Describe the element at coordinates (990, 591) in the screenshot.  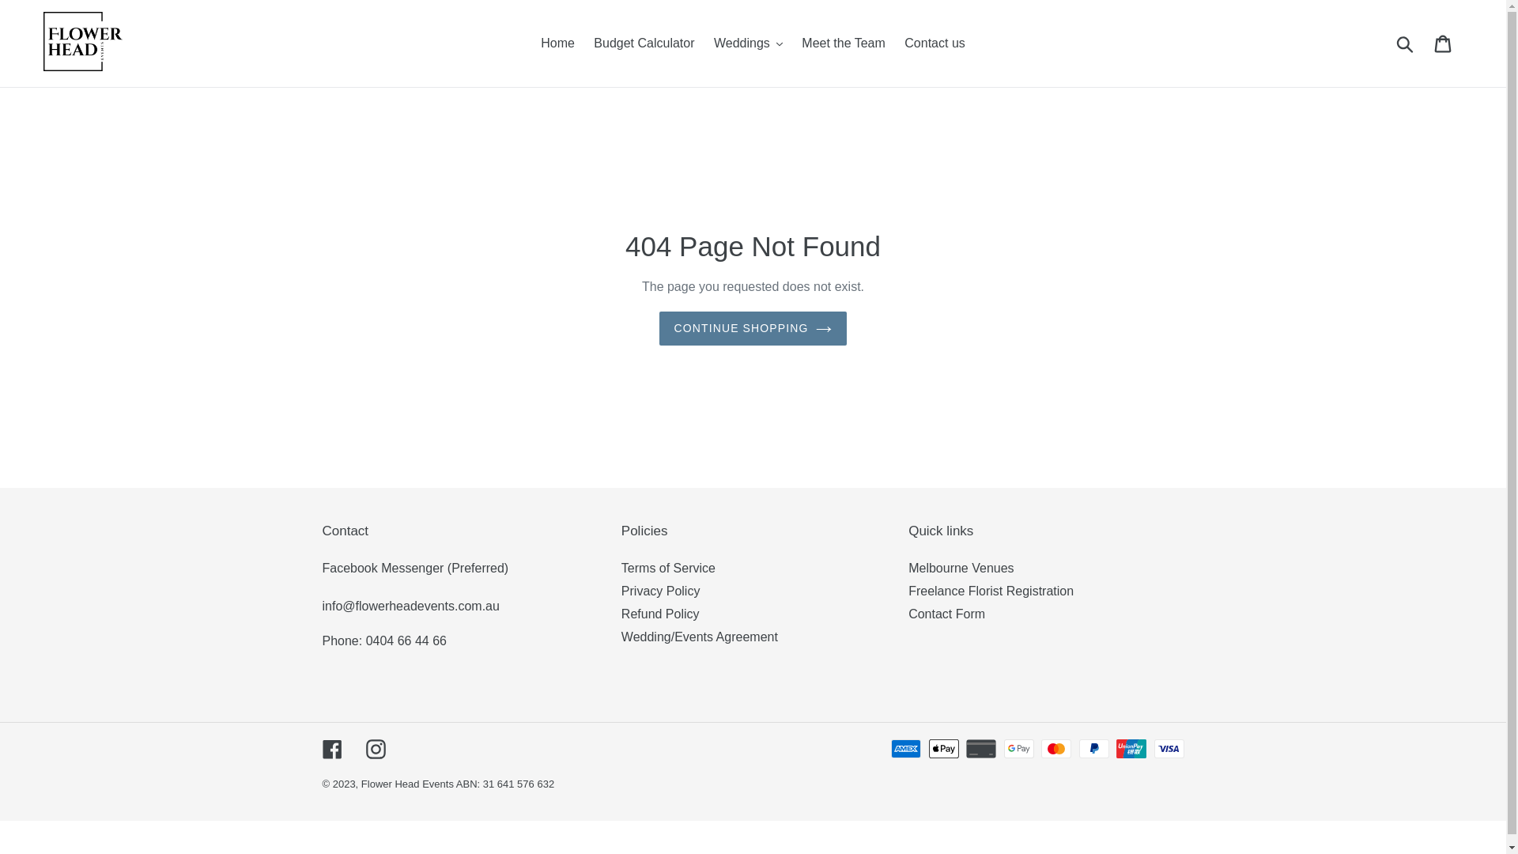
I see `'Freelance Florist Registration'` at that location.